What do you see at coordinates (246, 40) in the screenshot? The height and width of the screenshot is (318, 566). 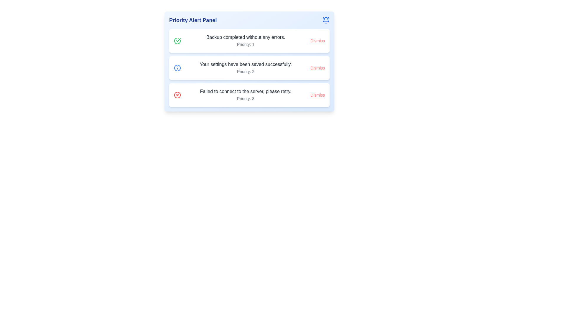 I see `the status update text block indicating the successful completion of a backup` at bounding box center [246, 40].